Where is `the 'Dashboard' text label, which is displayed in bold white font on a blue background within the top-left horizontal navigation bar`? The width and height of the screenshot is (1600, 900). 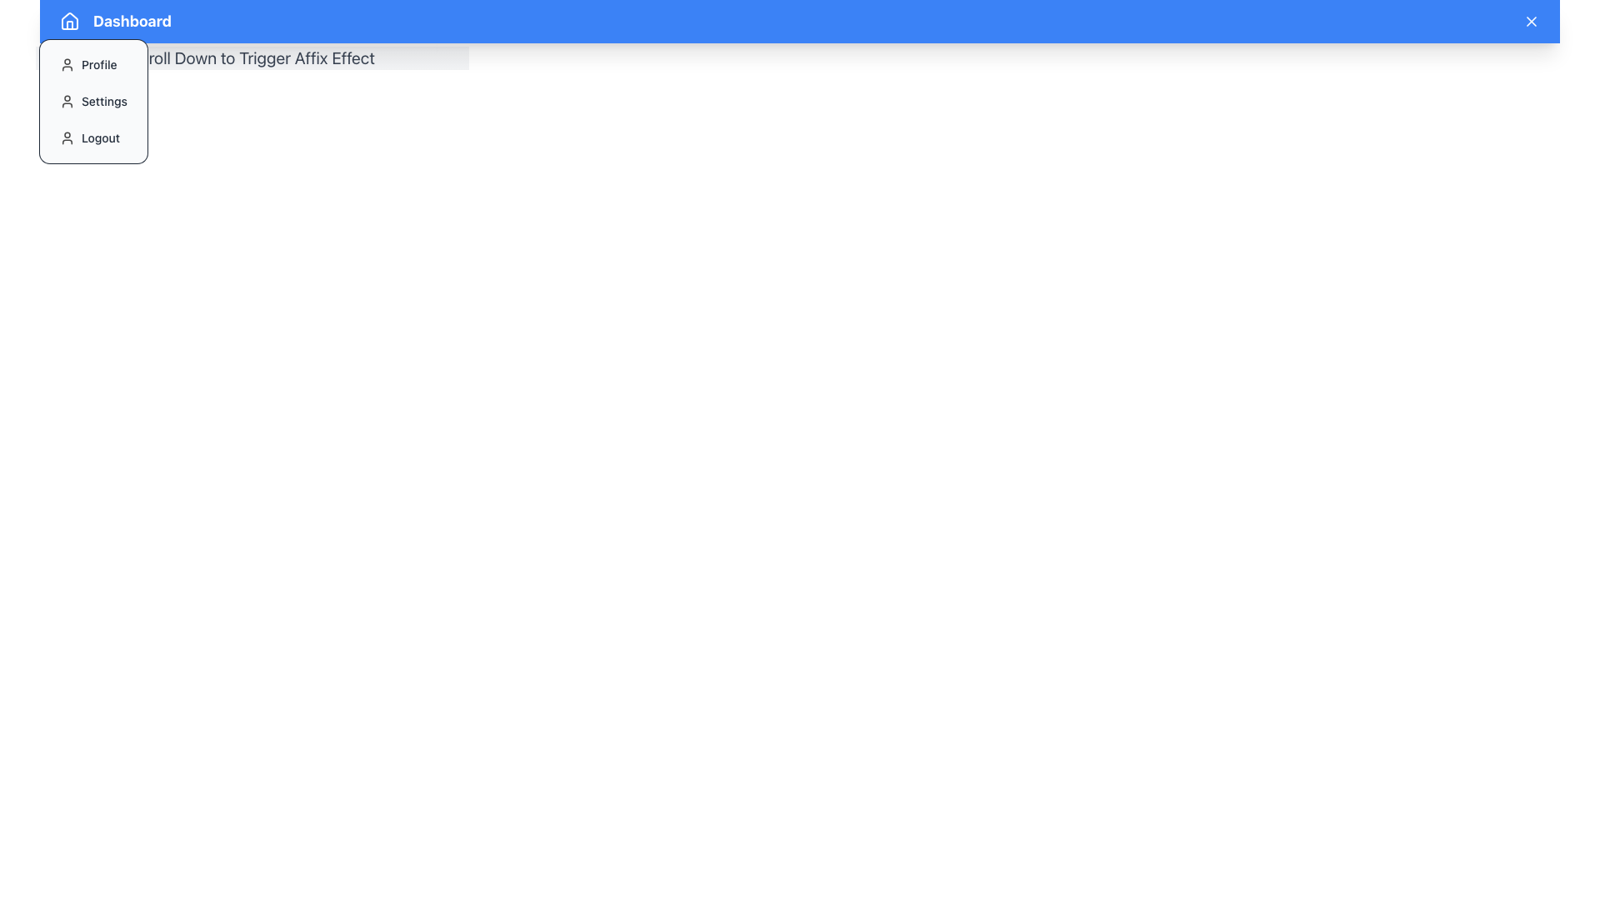
the 'Dashboard' text label, which is displayed in bold white font on a blue background within the top-left horizontal navigation bar is located at coordinates (131, 22).